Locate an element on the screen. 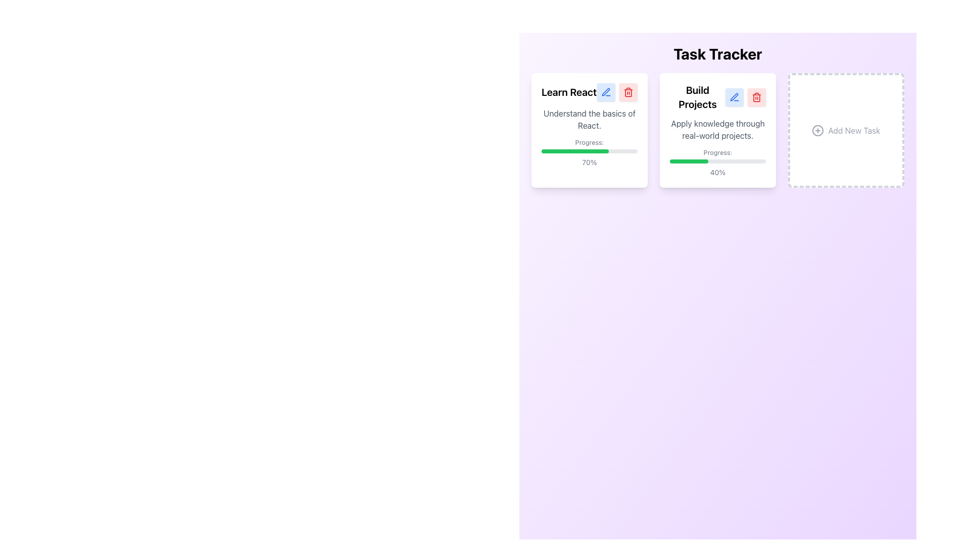 This screenshot has width=970, height=545. the descriptive label text reading 'Progress:' styled in gray, positioned above the progress bar and percentage indicator within the task card is located at coordinates (589, 142).